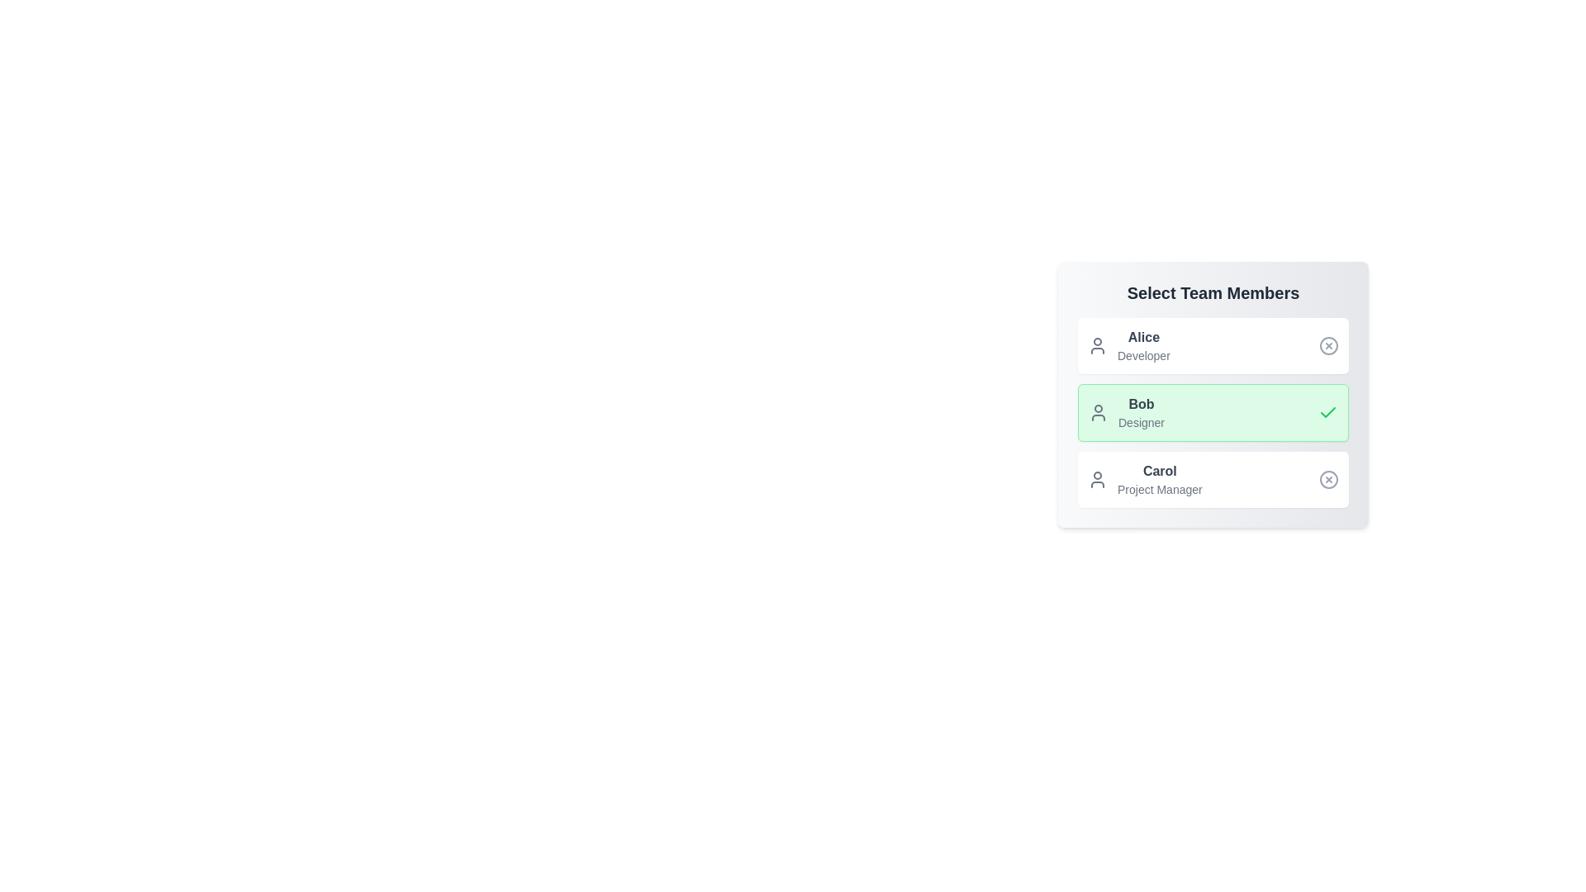 Image resolution: width=1586 pixels, height=892 pixels. Describe the element at coordinates (1213, 480) in the screenshot. I see `the profile chip for Carol` at that location.